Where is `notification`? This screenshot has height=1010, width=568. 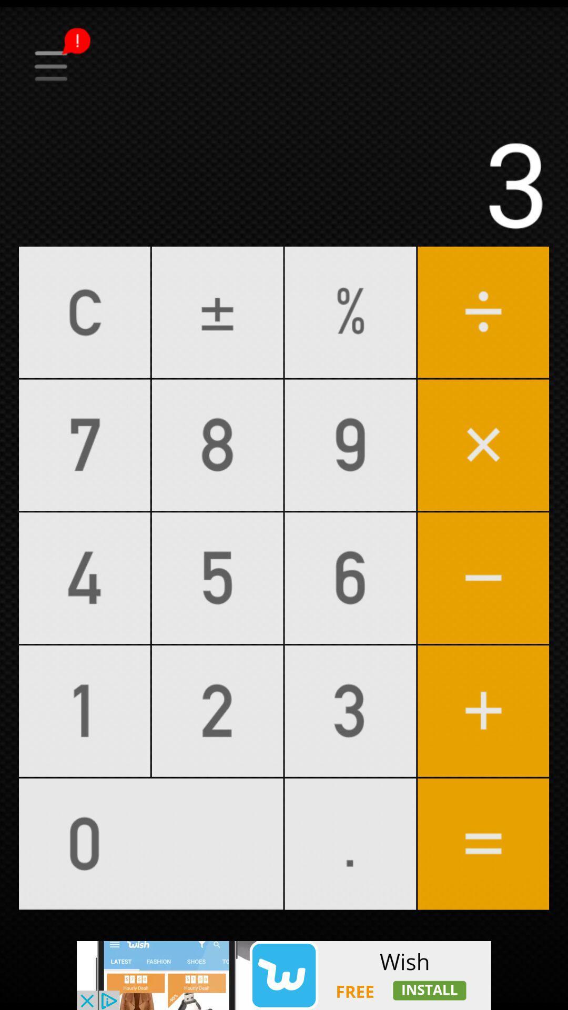 notification is located at coordinates (284, 33).